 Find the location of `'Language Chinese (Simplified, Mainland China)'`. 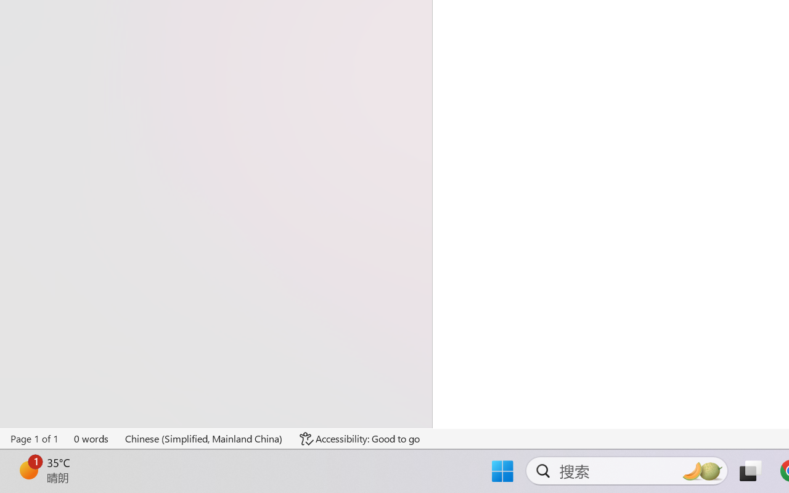

'Language Chinese (Simplified, Mainland China)' is located at coordinates (204, 438).